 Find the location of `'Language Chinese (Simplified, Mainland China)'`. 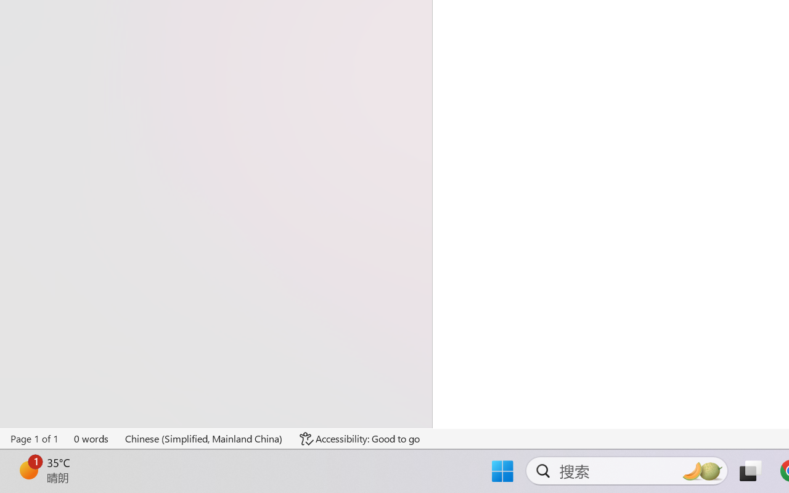

'Language Chinese (Simplified, Mainland China)' is located at coordinates (204, 438).